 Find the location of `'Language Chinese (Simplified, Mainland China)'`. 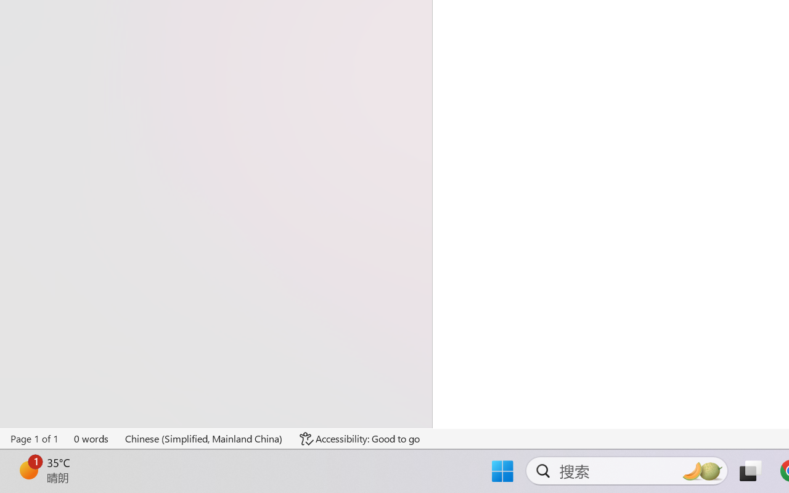

'Language Chinese (Simplified, Mainland China)' is located at coordinates (204, 438).